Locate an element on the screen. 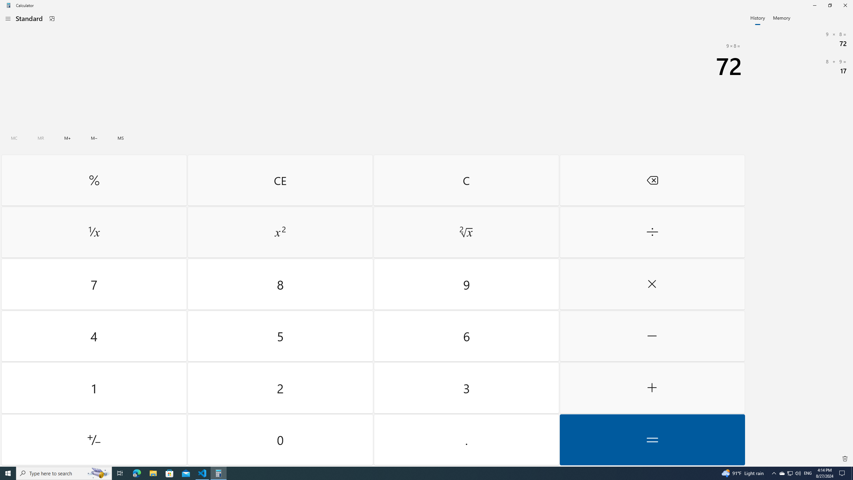 The width and height of the screenshot is (853, 480). 'Search highlights icon opens search home window' is located at coordinates (98, 473).